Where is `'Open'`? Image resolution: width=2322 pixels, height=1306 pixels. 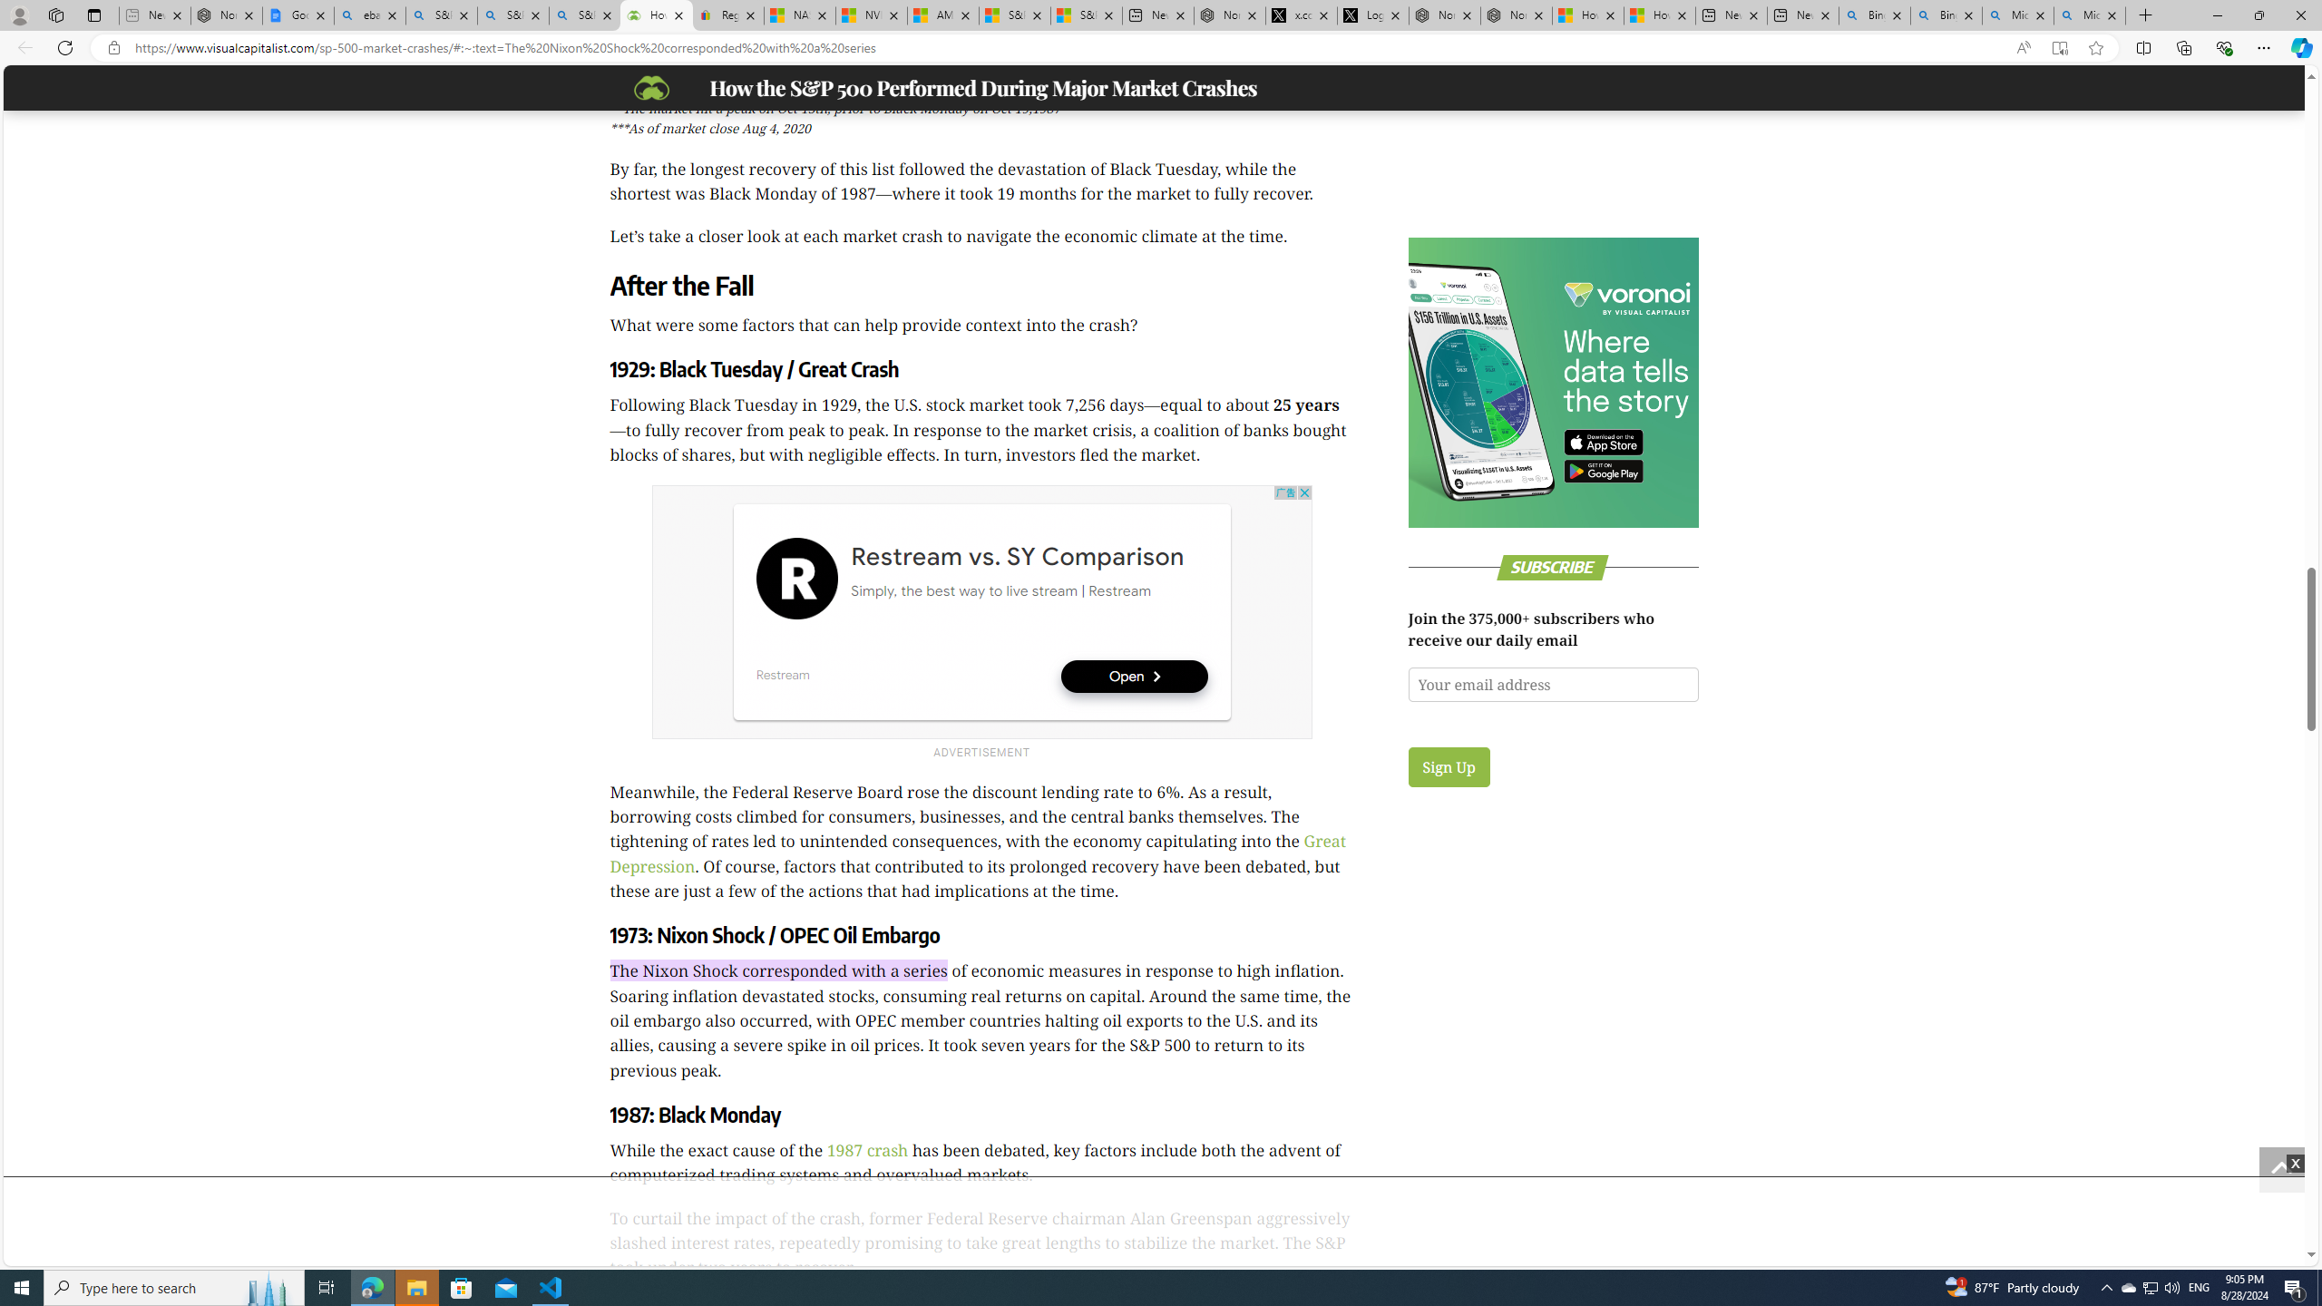 'Open' is located at coordinates (1134, 675).